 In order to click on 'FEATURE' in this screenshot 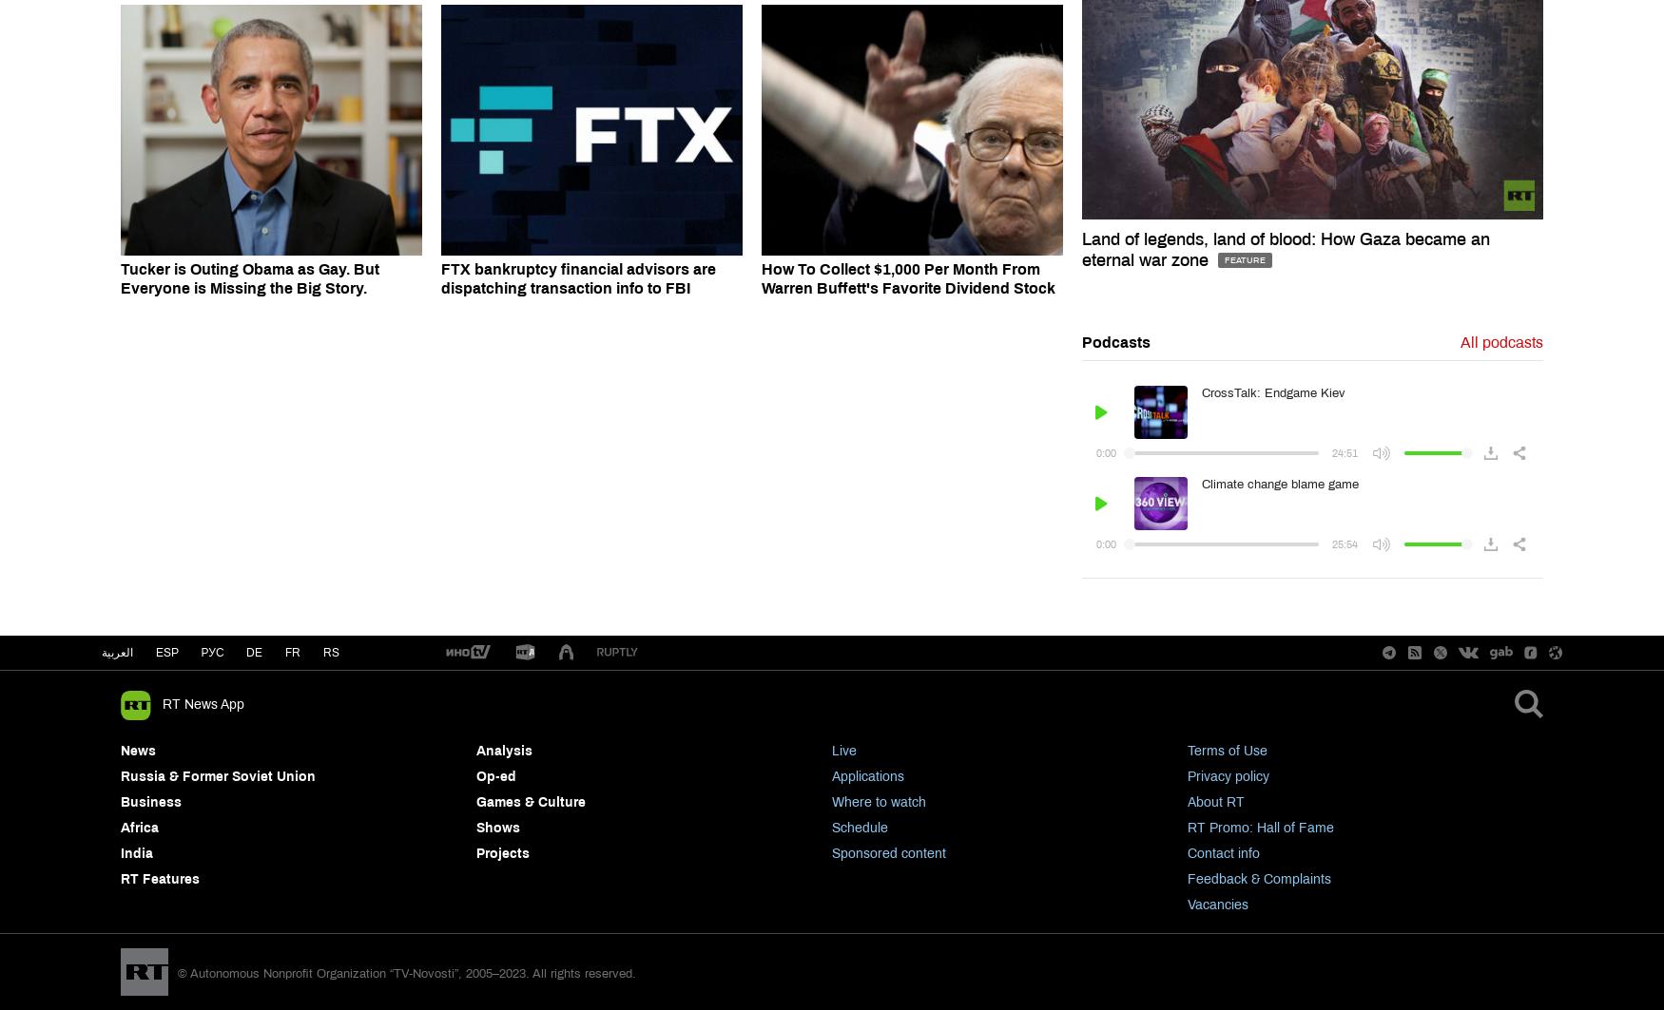, I will do `click(1243, 258)`.